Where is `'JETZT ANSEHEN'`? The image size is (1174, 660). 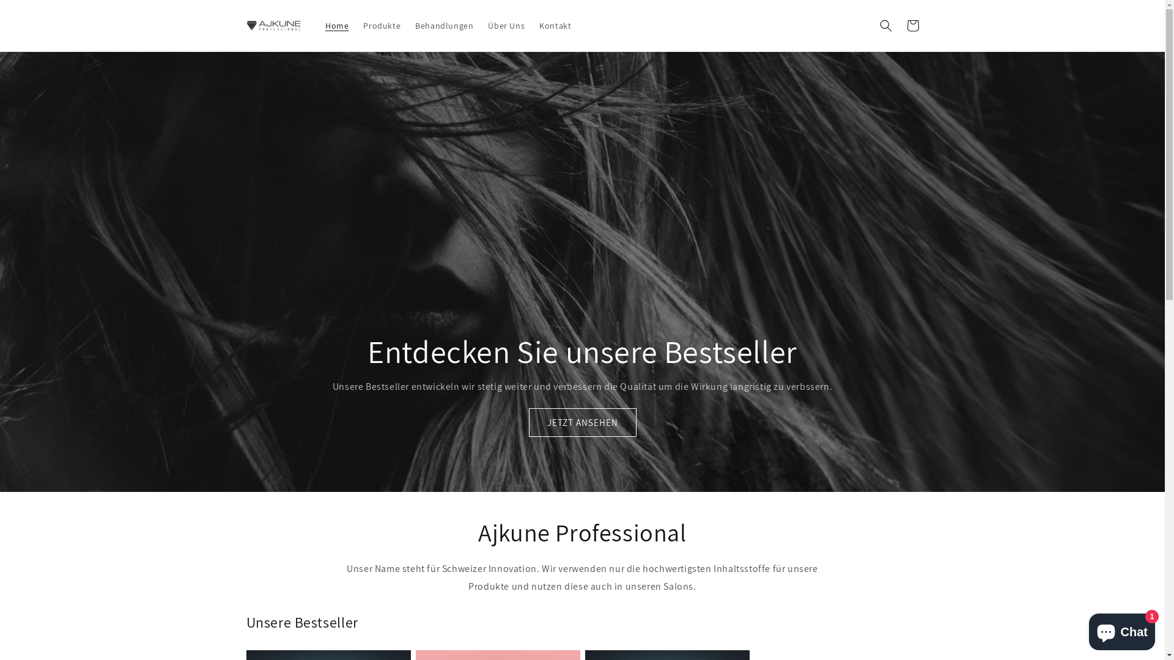
'JETZT ANSEHEN' is located at coordinates (581, 422).